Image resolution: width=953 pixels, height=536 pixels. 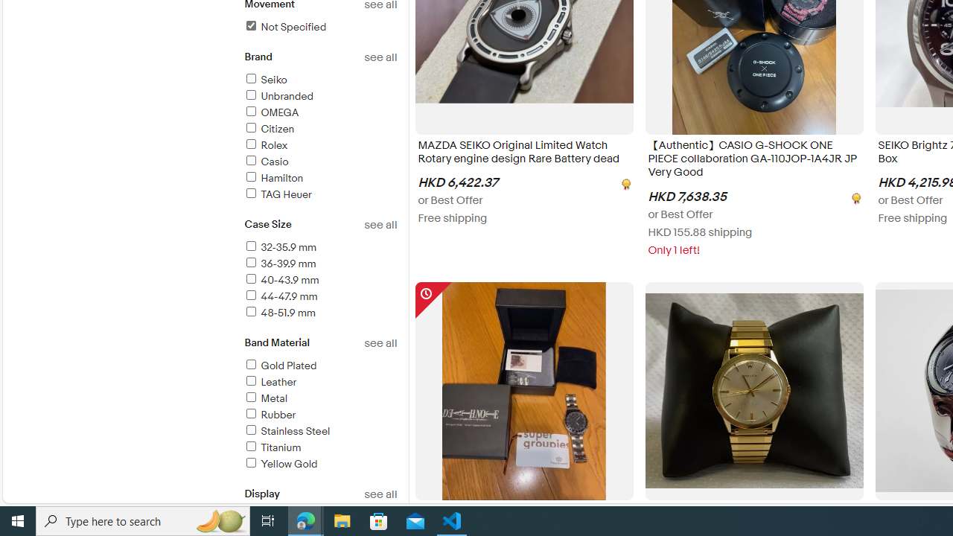 I want to click on 'Rubber', so click(x=319, y=415).